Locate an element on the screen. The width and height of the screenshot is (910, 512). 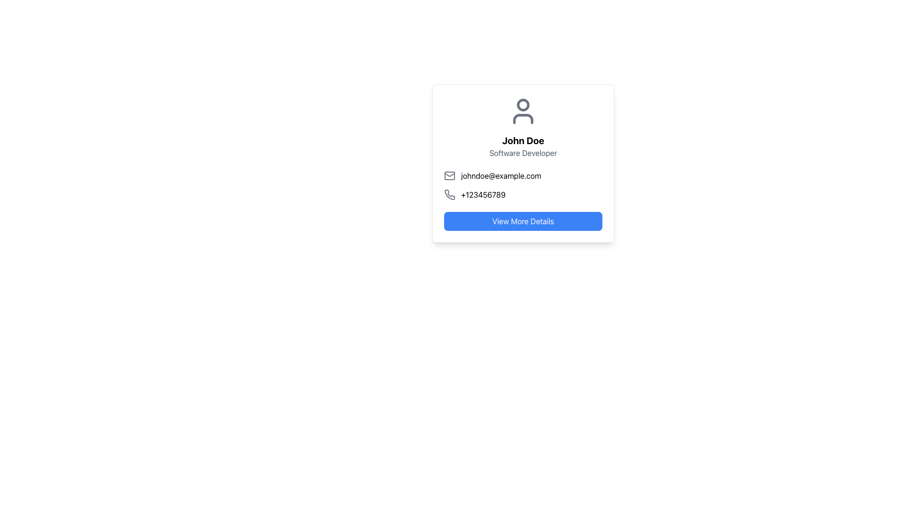
the text label reading 'Software Developer', which is center-aligned beneath the 'John Doe' title and above the contact information within the card is located at coordinates (523, 153).